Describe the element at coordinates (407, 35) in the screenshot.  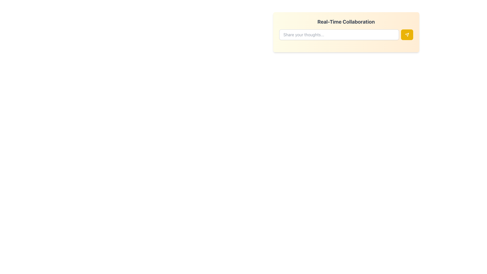
I see `the icon located at the bottom-right of the 'Real-Time Collaboration' panel` at that location.